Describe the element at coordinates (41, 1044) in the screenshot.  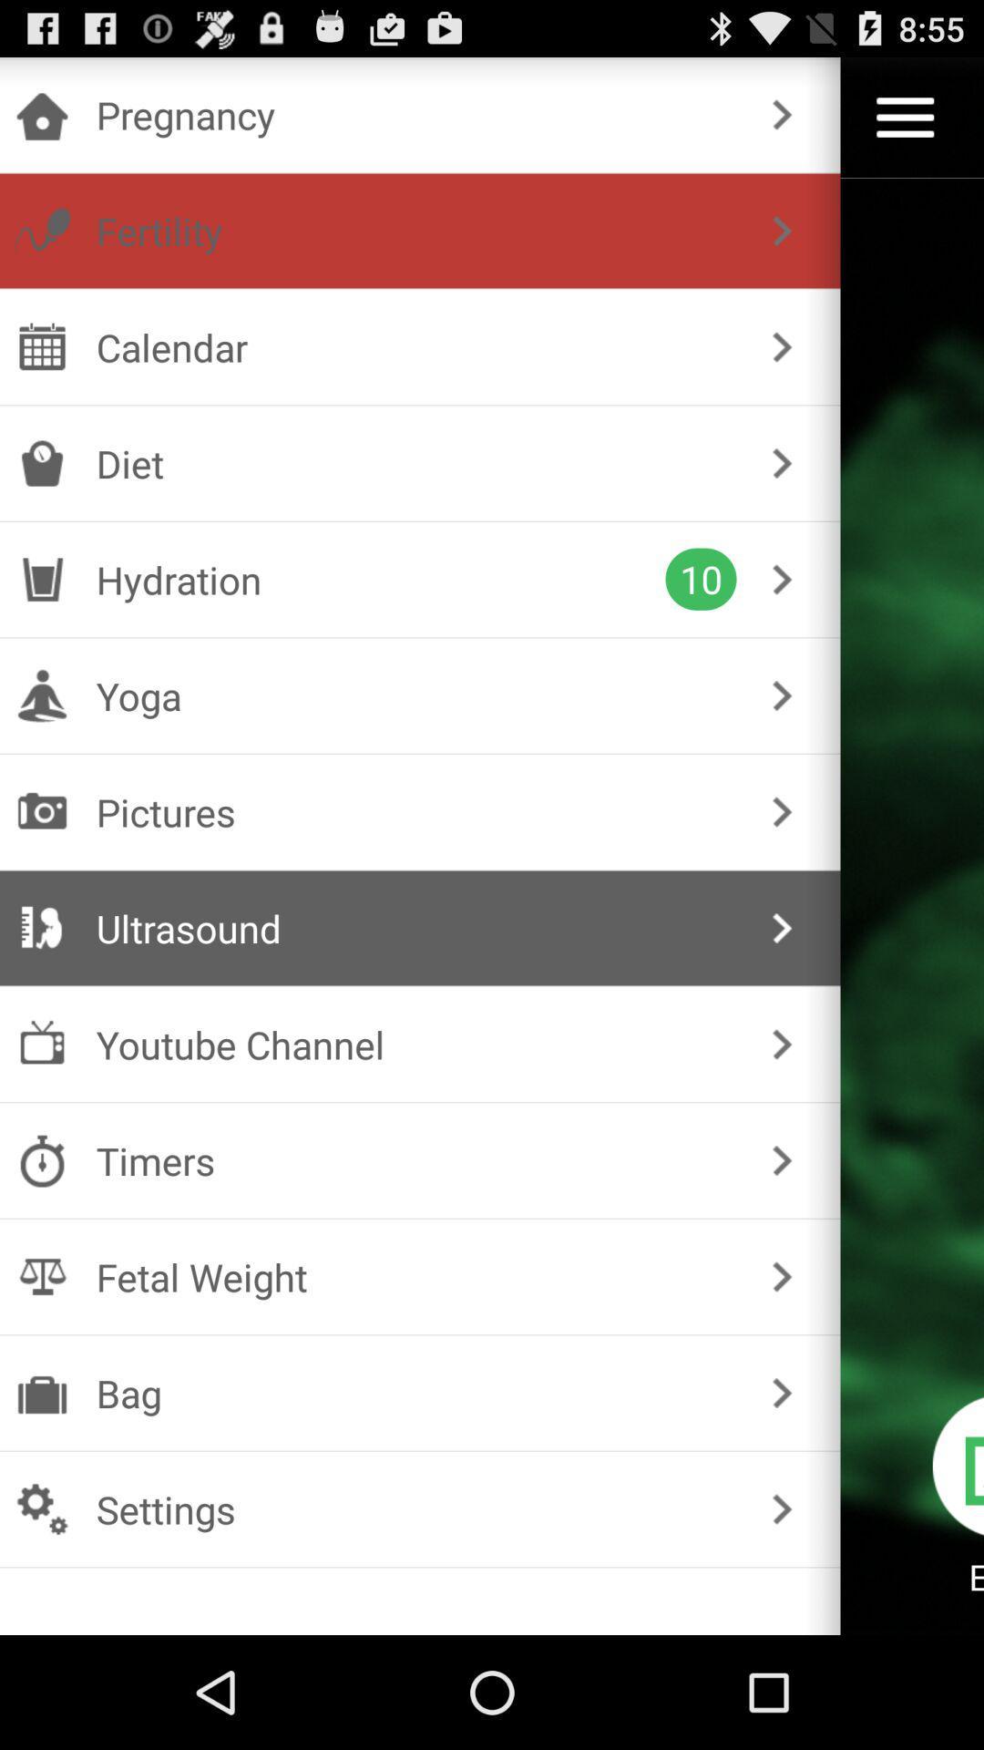
I see `the tv image icon to the left of the text youtube channel` at that location.